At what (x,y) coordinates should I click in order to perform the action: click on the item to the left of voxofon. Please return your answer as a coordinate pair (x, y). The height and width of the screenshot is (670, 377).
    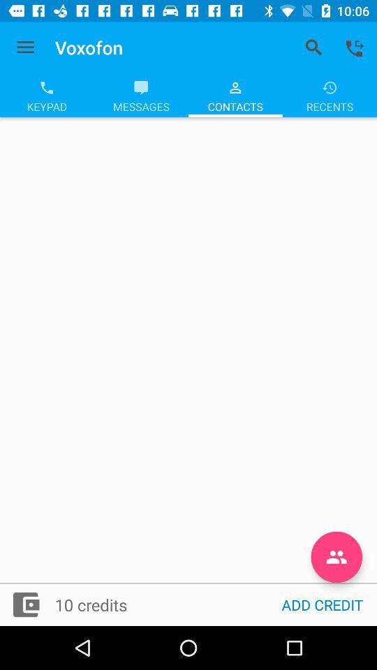
    Looking at the image, I should click on (25, 47).